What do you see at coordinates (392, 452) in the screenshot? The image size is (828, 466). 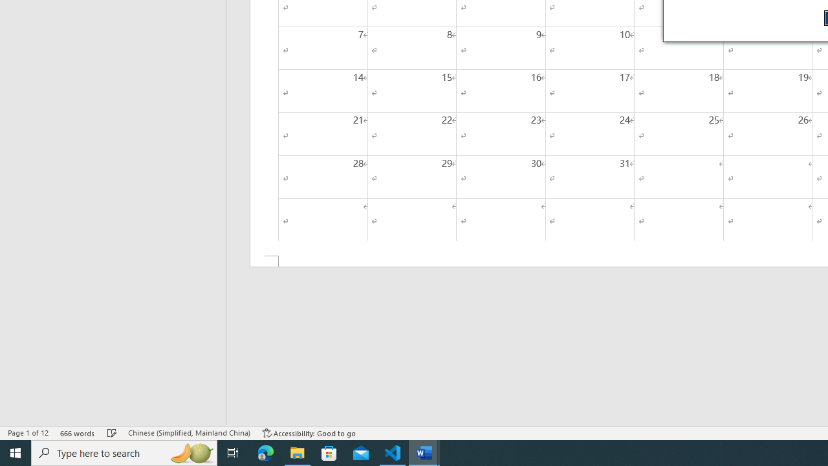 I see `'Visual Studio Code - 1 running window'` at bounding box center [392, 452].